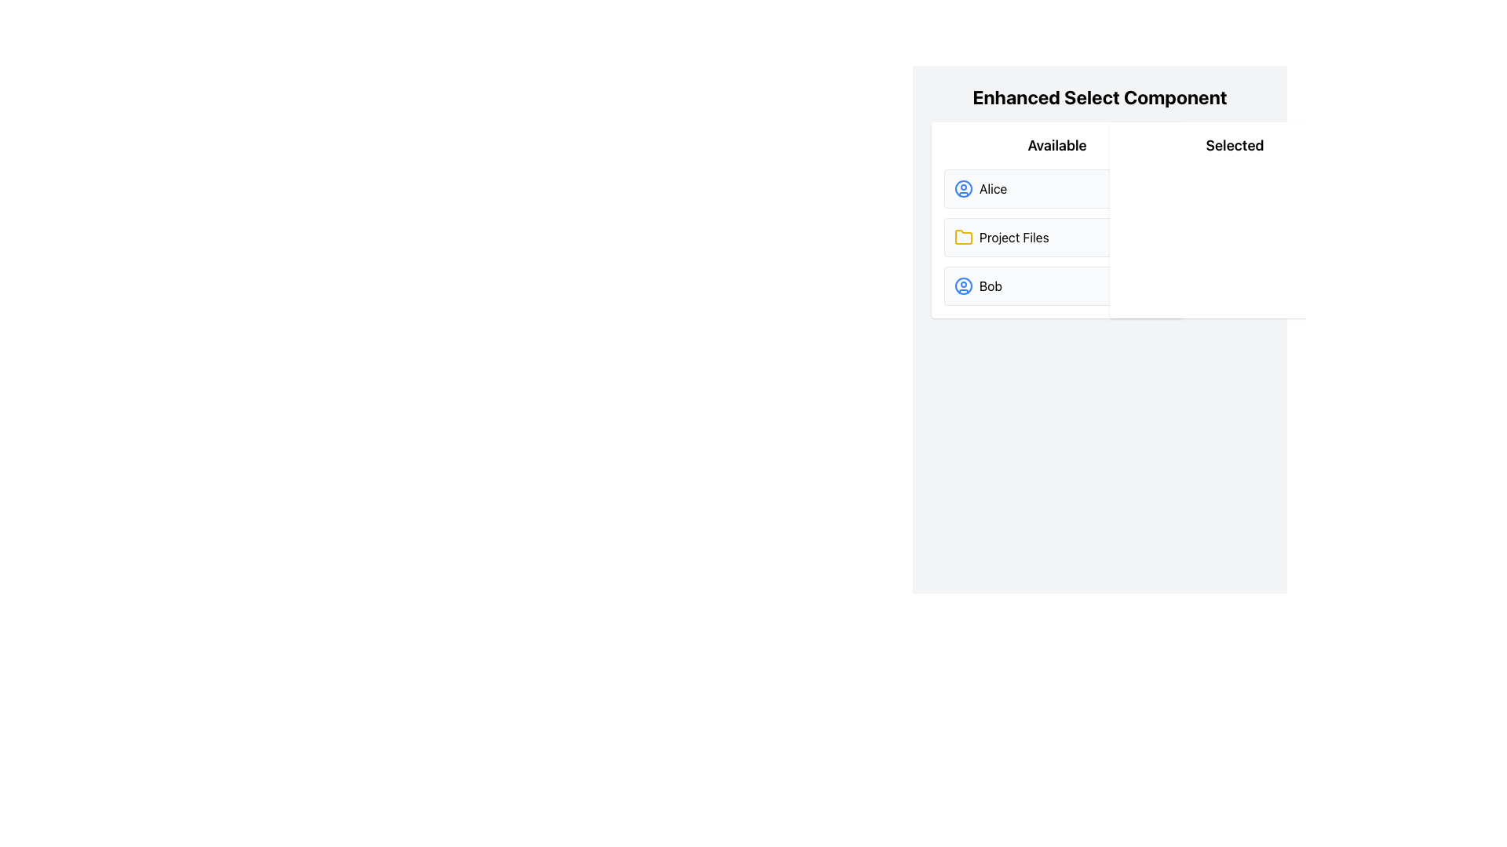  What do you see at coordinates (980, 187) in the screenshot?
I see `the selectable list item labeled 'Alice'` at bounding box center [980, 187].